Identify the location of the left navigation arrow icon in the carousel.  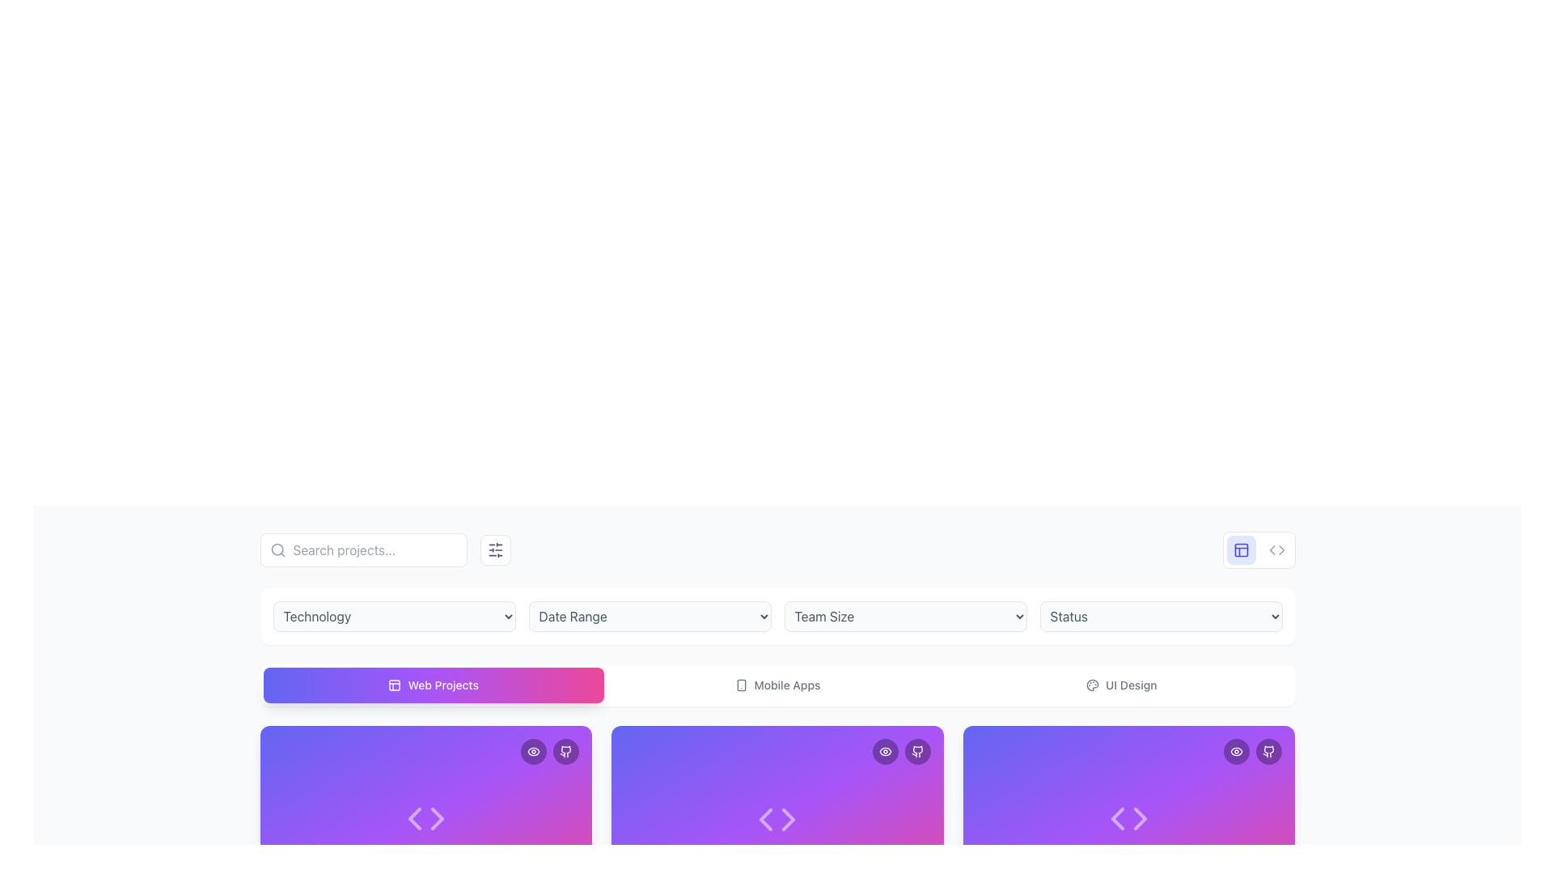
(765, 819).